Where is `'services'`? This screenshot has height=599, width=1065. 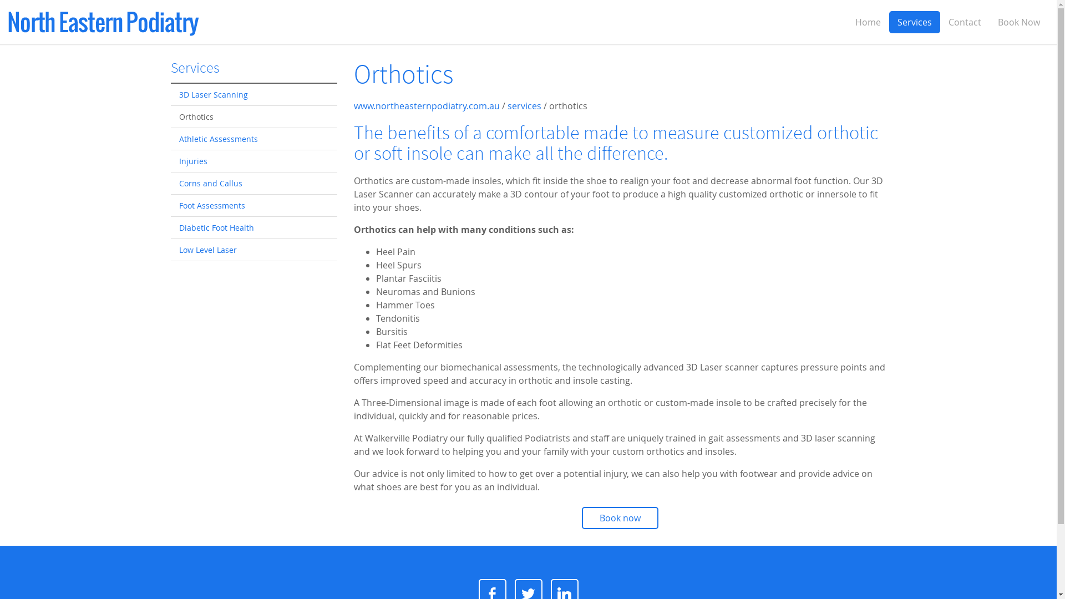
'services' is located at coordinates (523, 106).